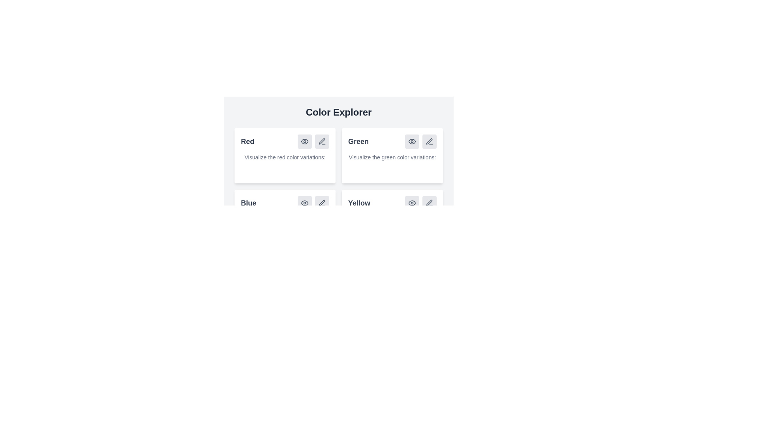 Image resolution: width=758 pixels, height=426 pixels. I want to click on the third circular component with a soft green color shade (#90EE90) in the 'Green' section located in the top-right portion of the grid, so click(386, 170).